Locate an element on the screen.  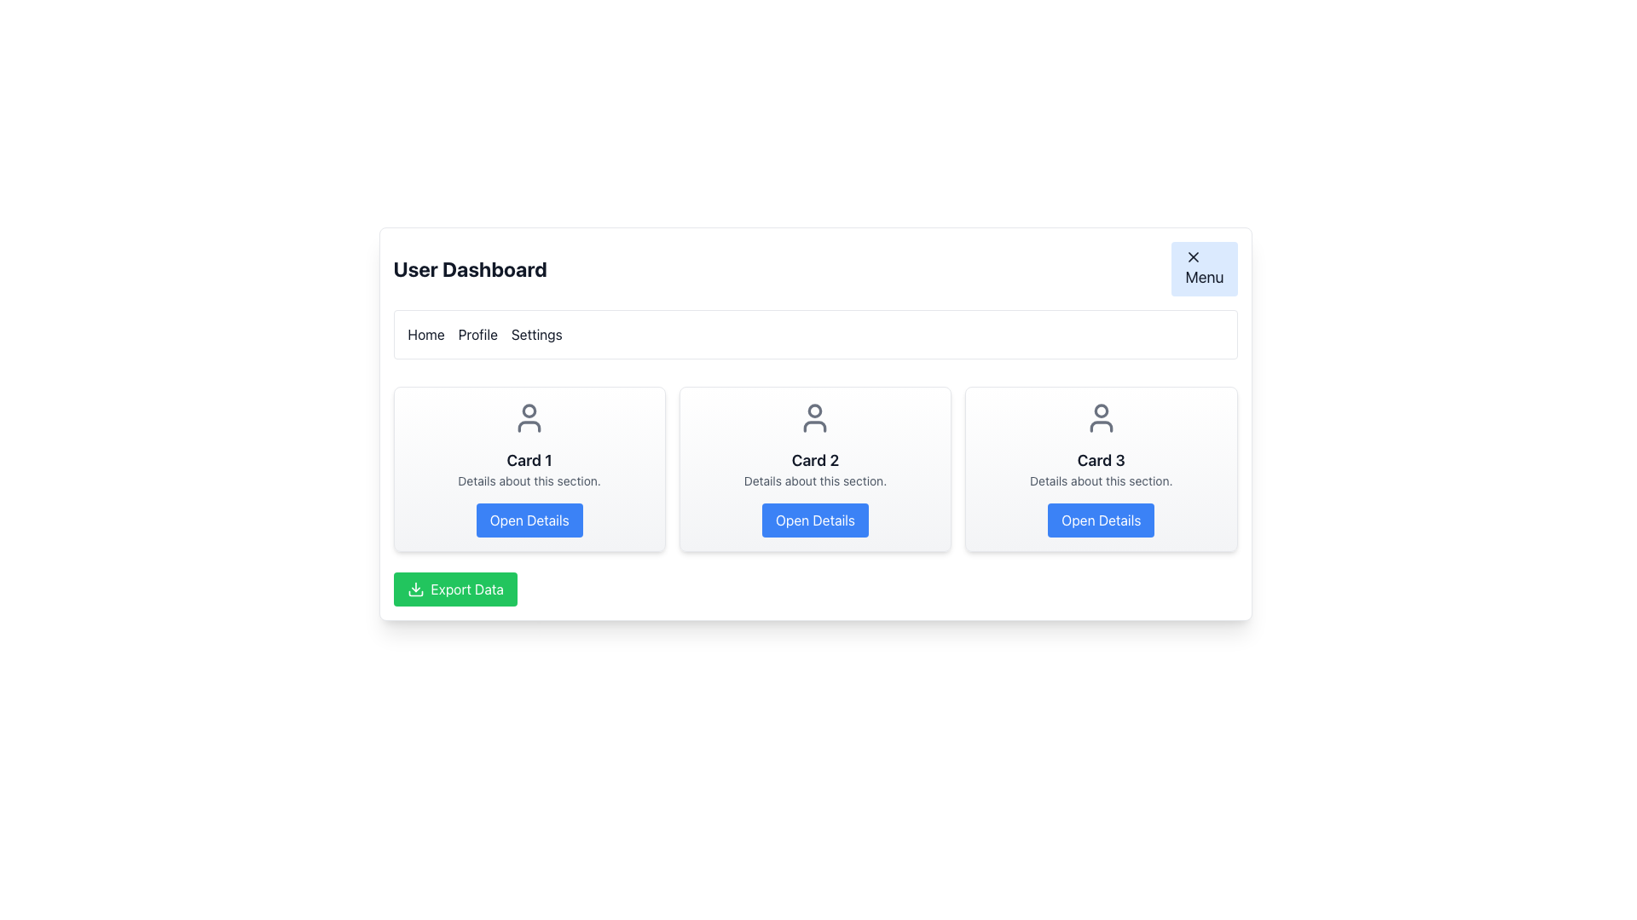
the circular avatar icon within the first card ('Card 1') in the dashboard, located at the upper-center of the card layout is located at coordinates (529, 411).